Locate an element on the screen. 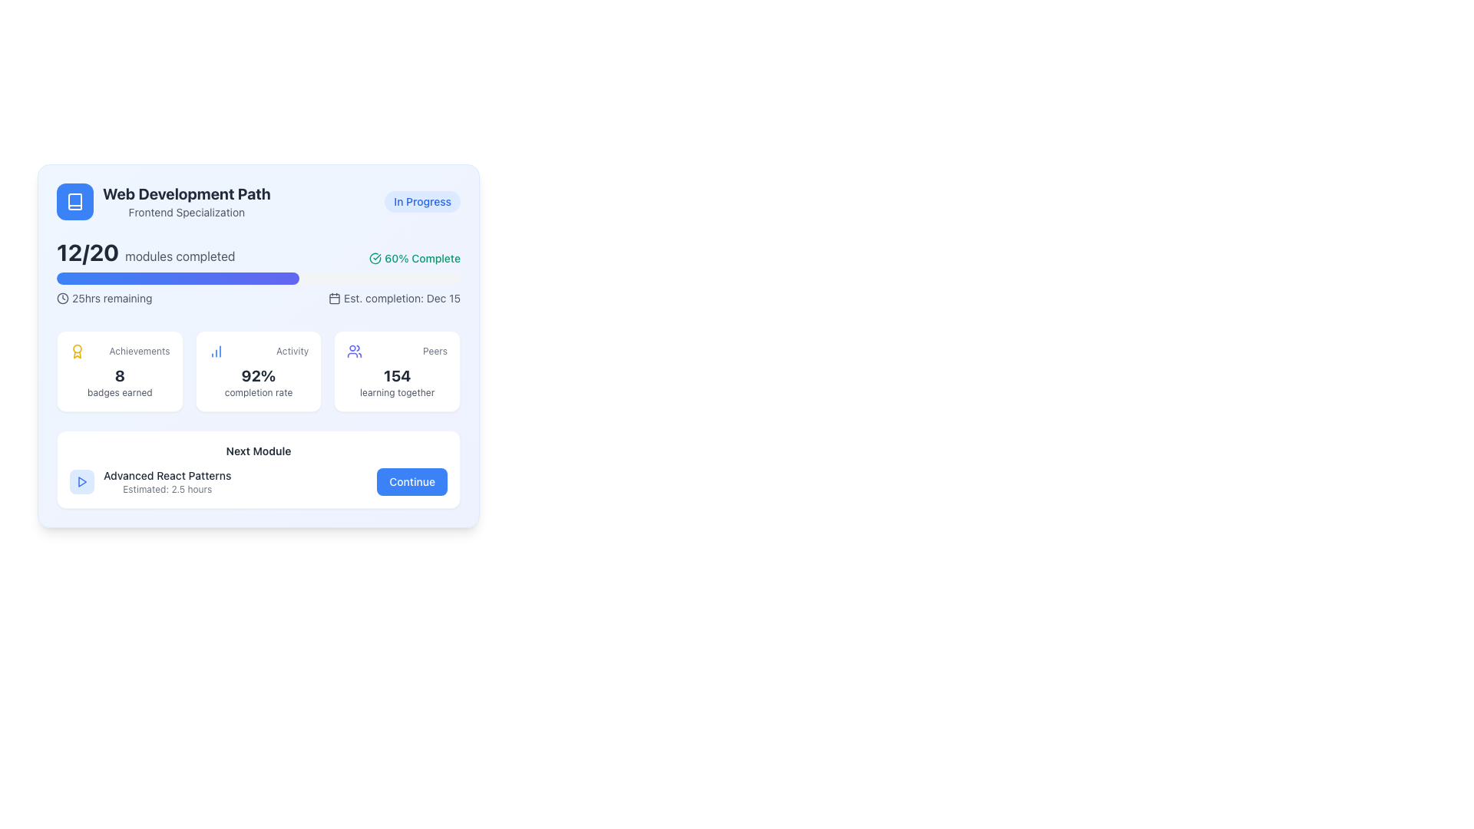 This screenshot has height=829, width=1474. the 'Next Module' text label, which is a small bold dark gray font positioned at the top of a rectangular card containing module information is located at coordinates (258, 450).